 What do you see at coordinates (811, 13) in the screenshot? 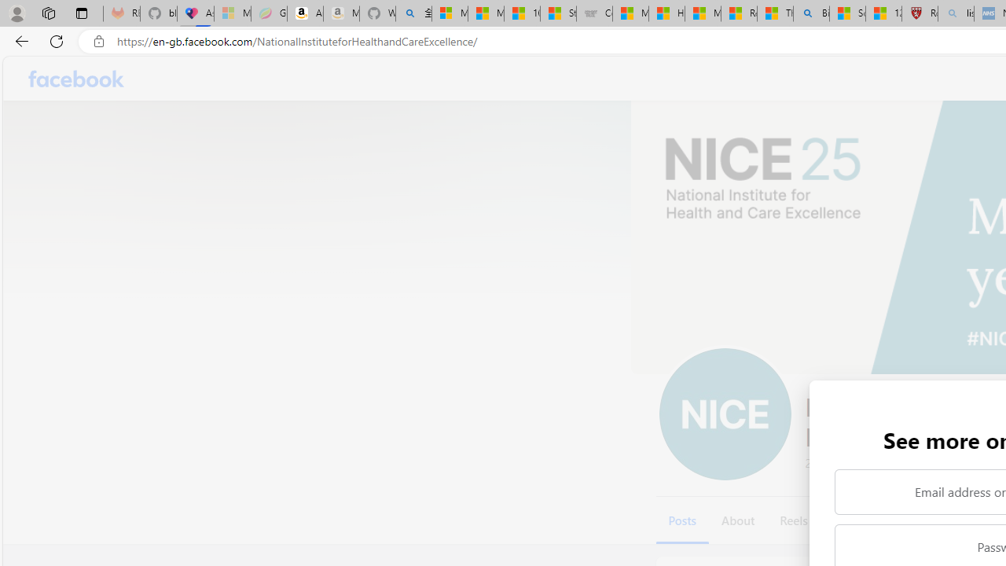
I see `'Bing'` at bounding box center [811, 13].